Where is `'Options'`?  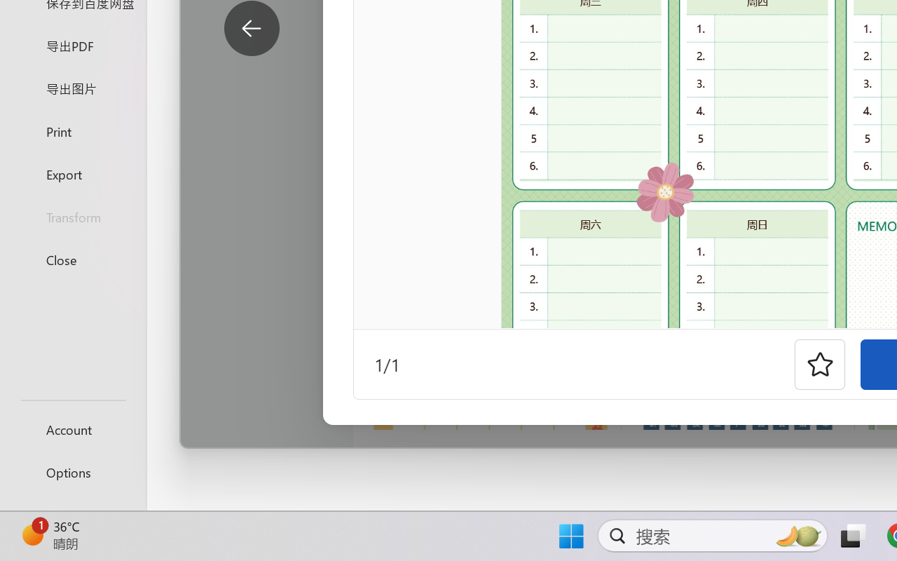
'Options' is located at coordinates (72, 472).